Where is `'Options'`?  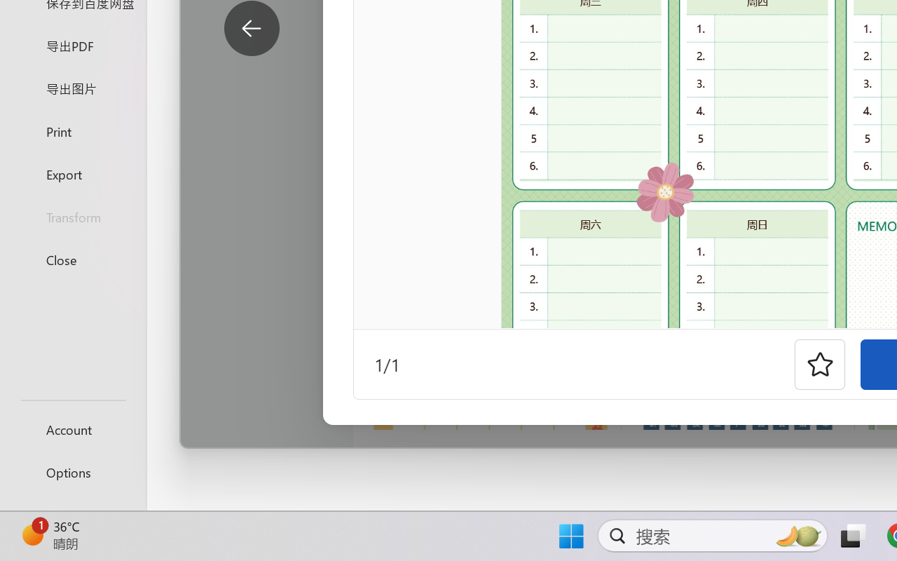
'Options' is located at coordinates (72, 472).